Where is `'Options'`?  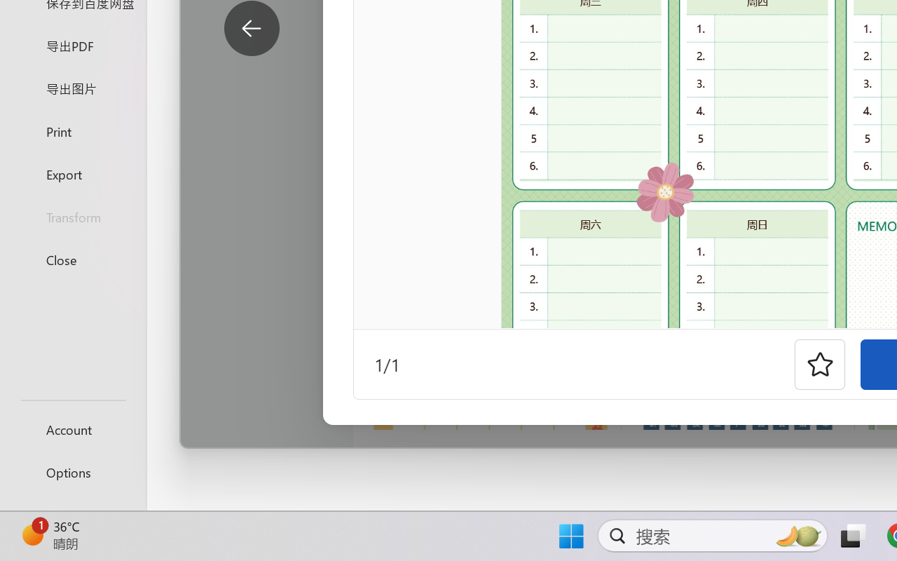
'Options' is located at coordinates (72, 472).